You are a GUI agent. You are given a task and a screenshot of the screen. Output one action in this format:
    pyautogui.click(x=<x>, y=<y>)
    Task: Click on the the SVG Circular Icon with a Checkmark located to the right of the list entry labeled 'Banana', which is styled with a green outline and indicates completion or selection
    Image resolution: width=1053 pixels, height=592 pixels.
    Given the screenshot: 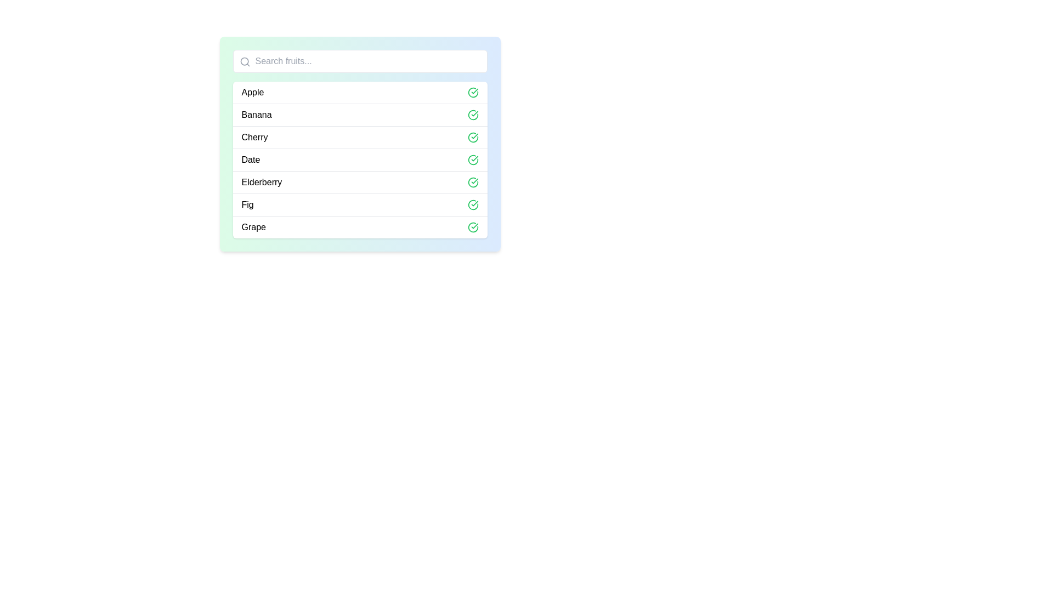 What is the action you would take?
    pyautogui.click(x=473, y=115)
    